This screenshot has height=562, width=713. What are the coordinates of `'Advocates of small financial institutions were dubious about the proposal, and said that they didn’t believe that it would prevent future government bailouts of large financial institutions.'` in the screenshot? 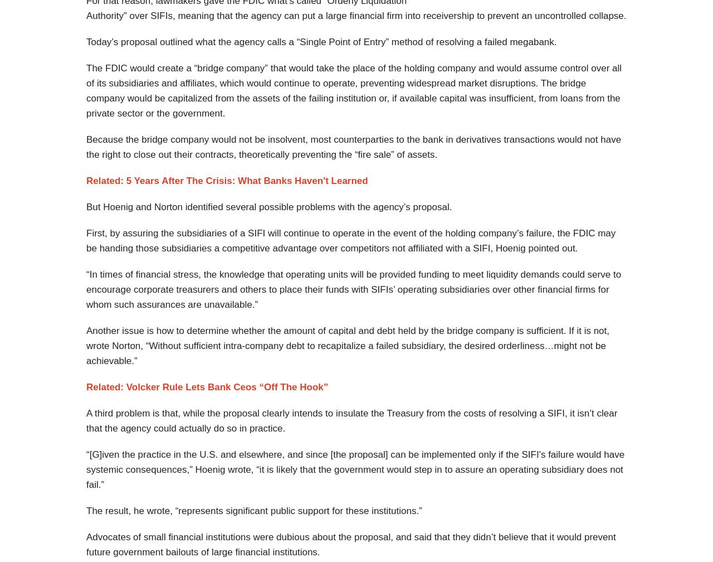 It's located at (350, 544).